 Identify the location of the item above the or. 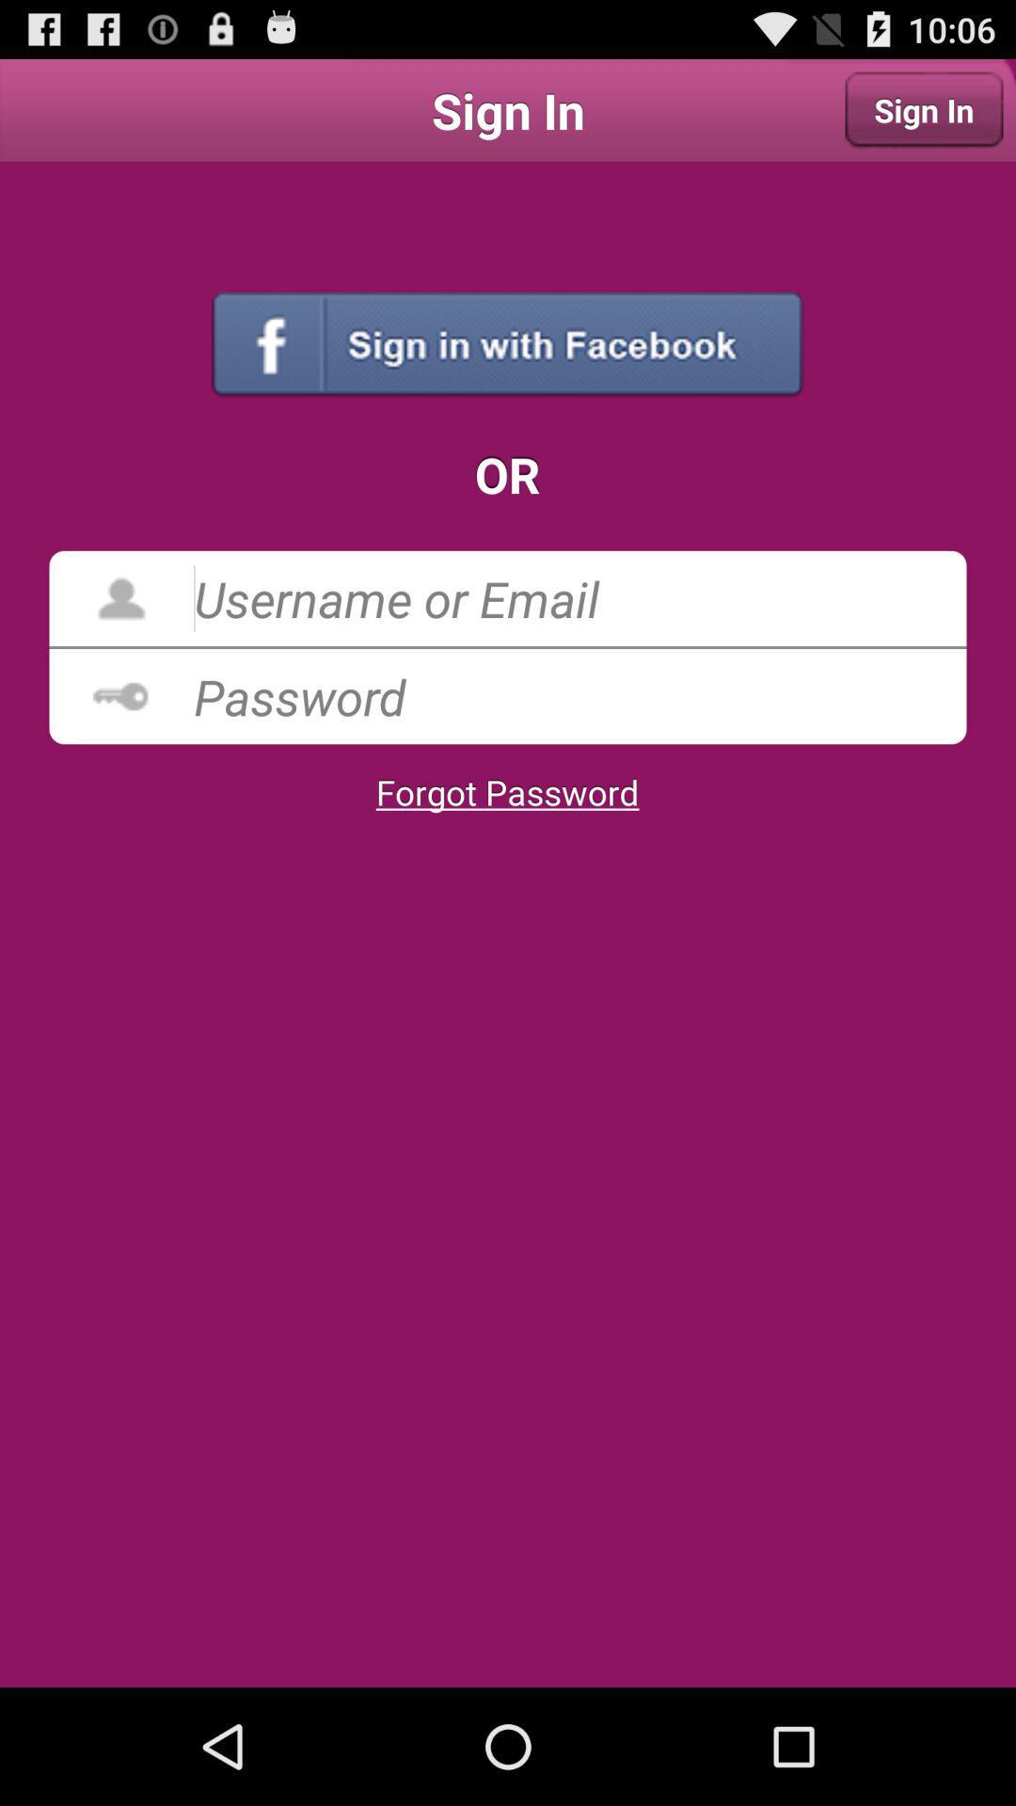
(508, 345).